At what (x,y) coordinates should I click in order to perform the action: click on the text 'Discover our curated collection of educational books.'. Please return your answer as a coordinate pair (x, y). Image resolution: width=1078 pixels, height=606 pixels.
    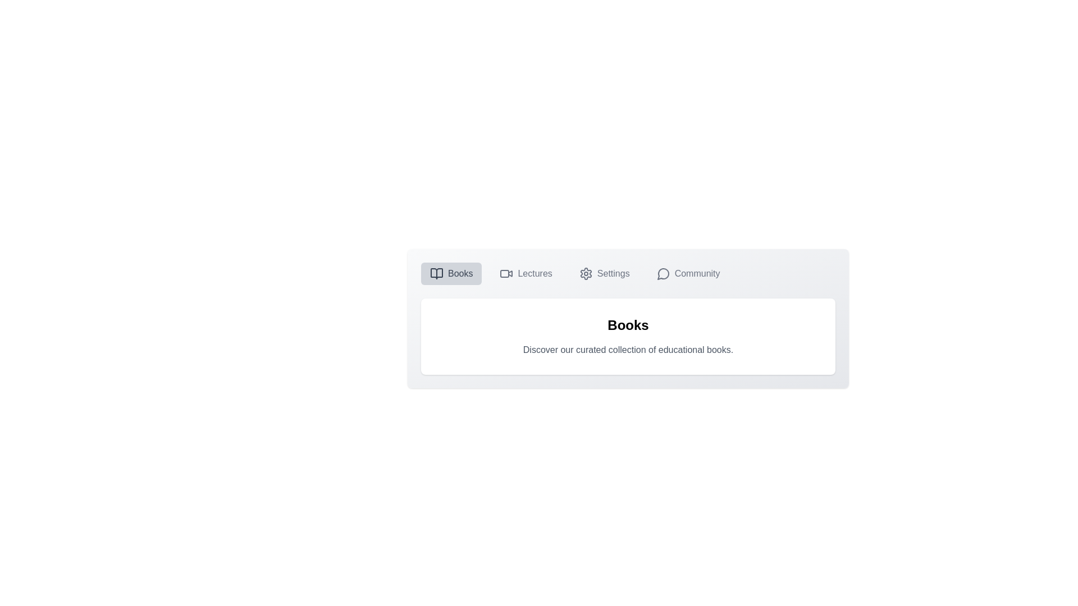
    Looking at the image, I should click on (627, 350).